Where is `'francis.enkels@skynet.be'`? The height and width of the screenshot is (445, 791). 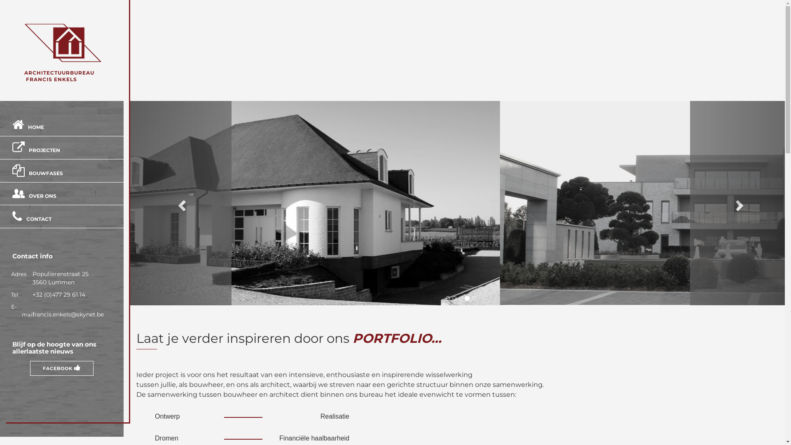 'francis.enkels@skynet.be' is located at coordinates (66, 314).